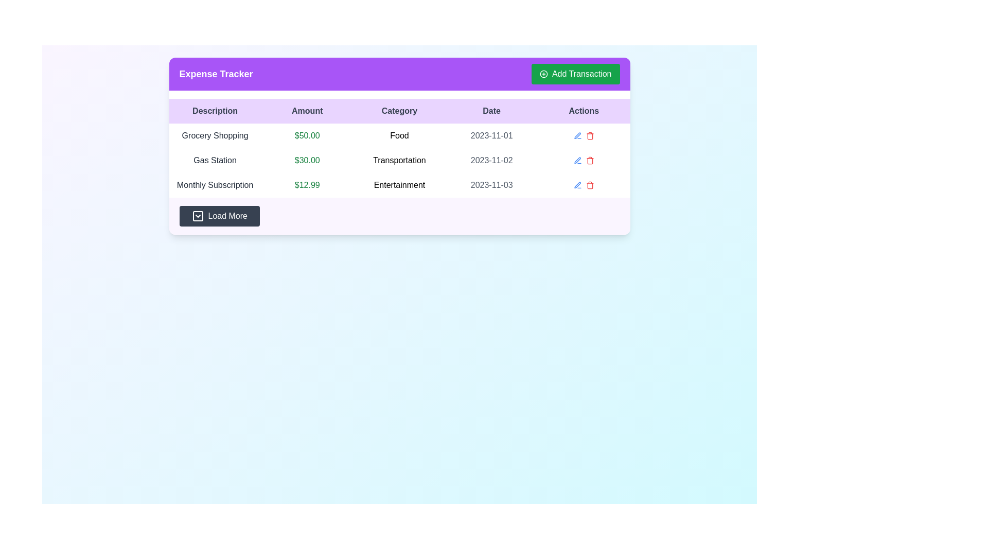 The width and height of the screenshot is (988, 556). I want to click on the background frame of the dropdown icon within the 'Load More' button, so click(198, 216).